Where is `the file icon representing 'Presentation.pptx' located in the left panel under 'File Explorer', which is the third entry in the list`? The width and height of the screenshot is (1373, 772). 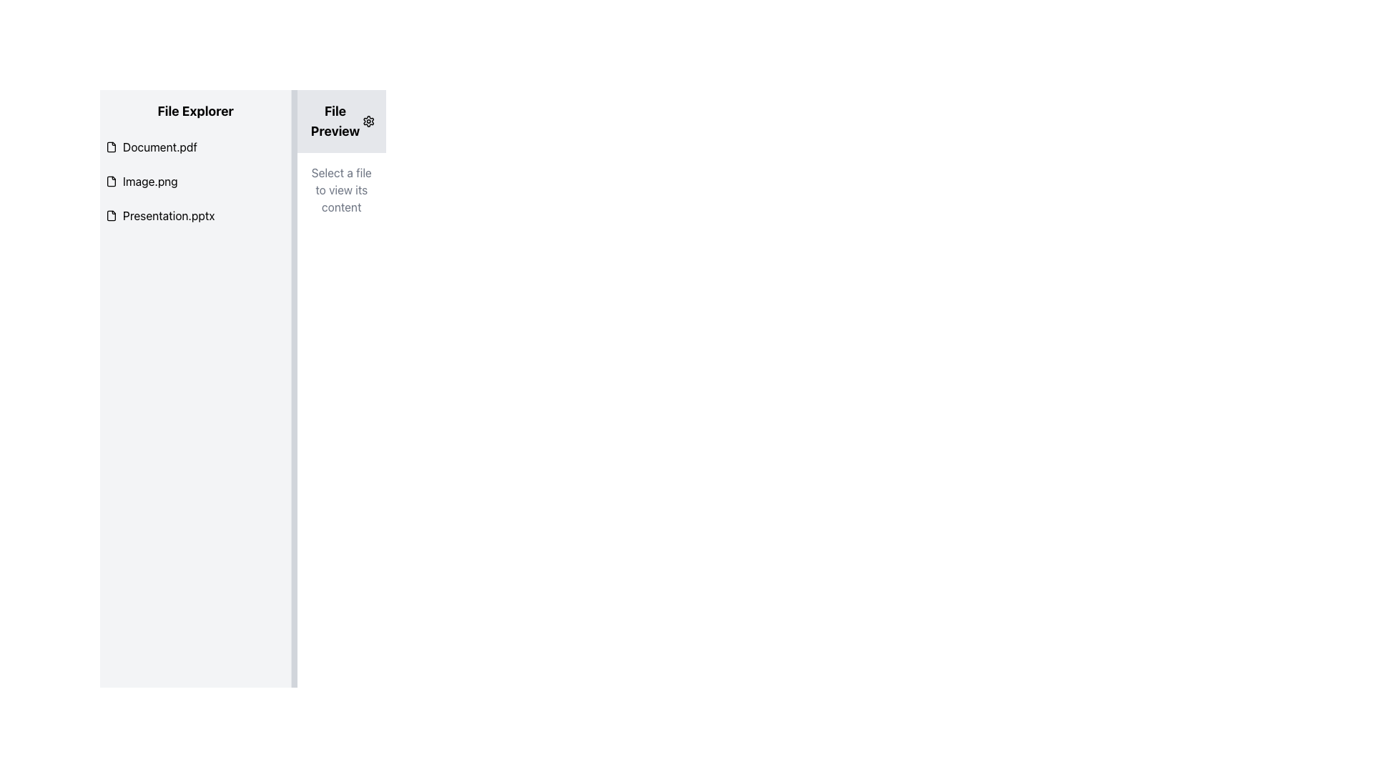
the file icon representing 'Presentation.pptx' located in the left panel under 'File Explorer', which is the third entry in the list is located at coordinates (111, 215).